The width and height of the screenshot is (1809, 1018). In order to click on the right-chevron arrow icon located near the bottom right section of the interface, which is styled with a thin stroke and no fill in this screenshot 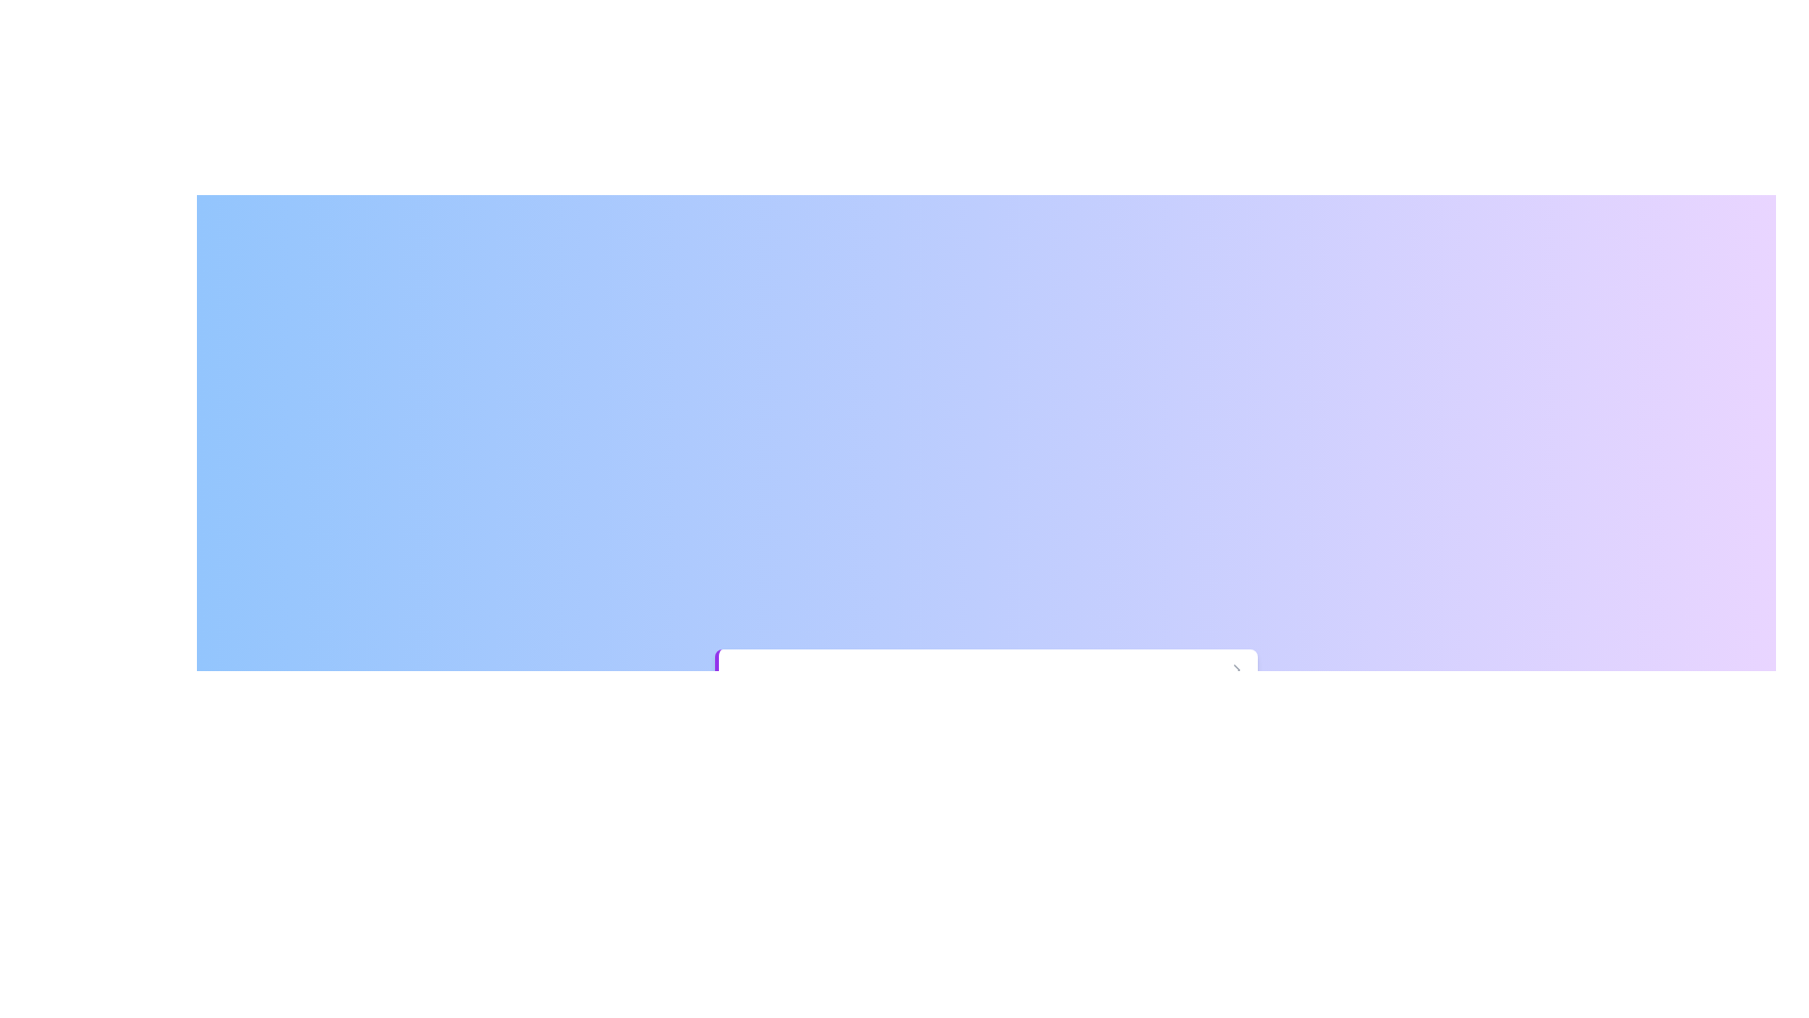, I will do `click(1237, 668)`.